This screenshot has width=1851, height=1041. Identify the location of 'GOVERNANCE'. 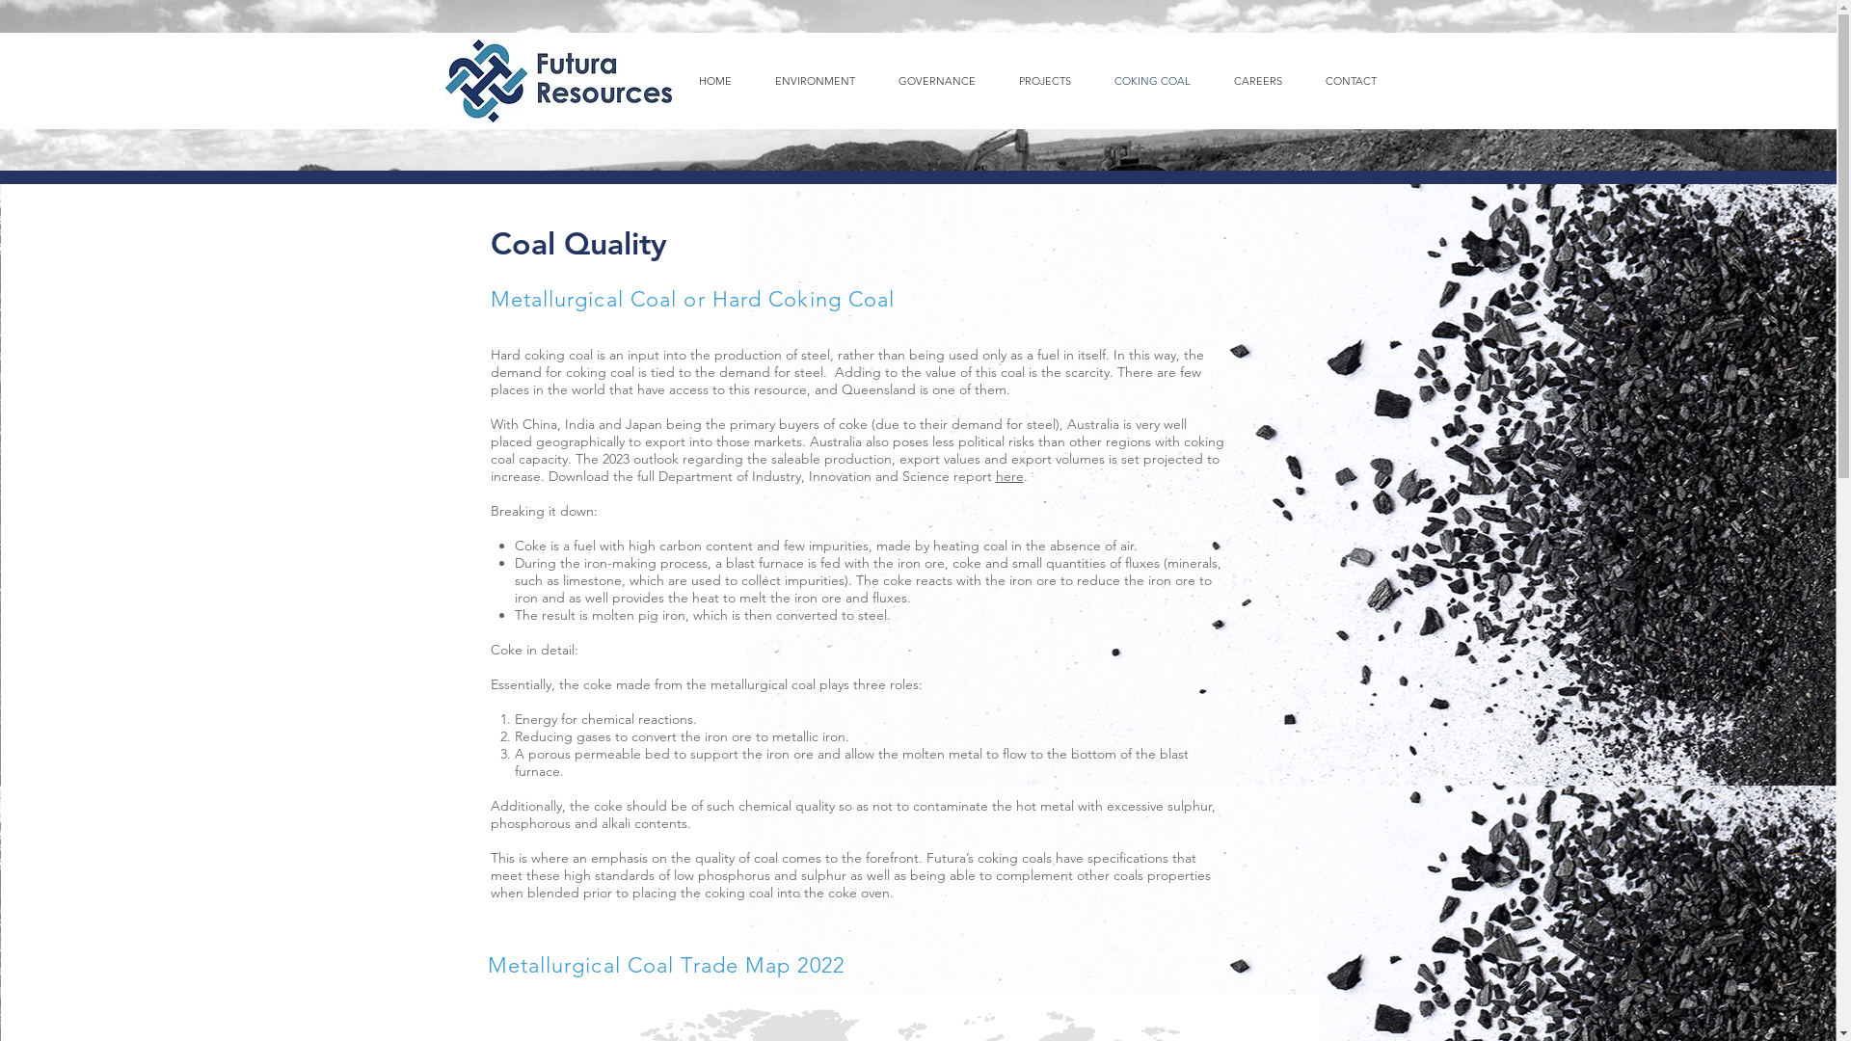
(937, 80).